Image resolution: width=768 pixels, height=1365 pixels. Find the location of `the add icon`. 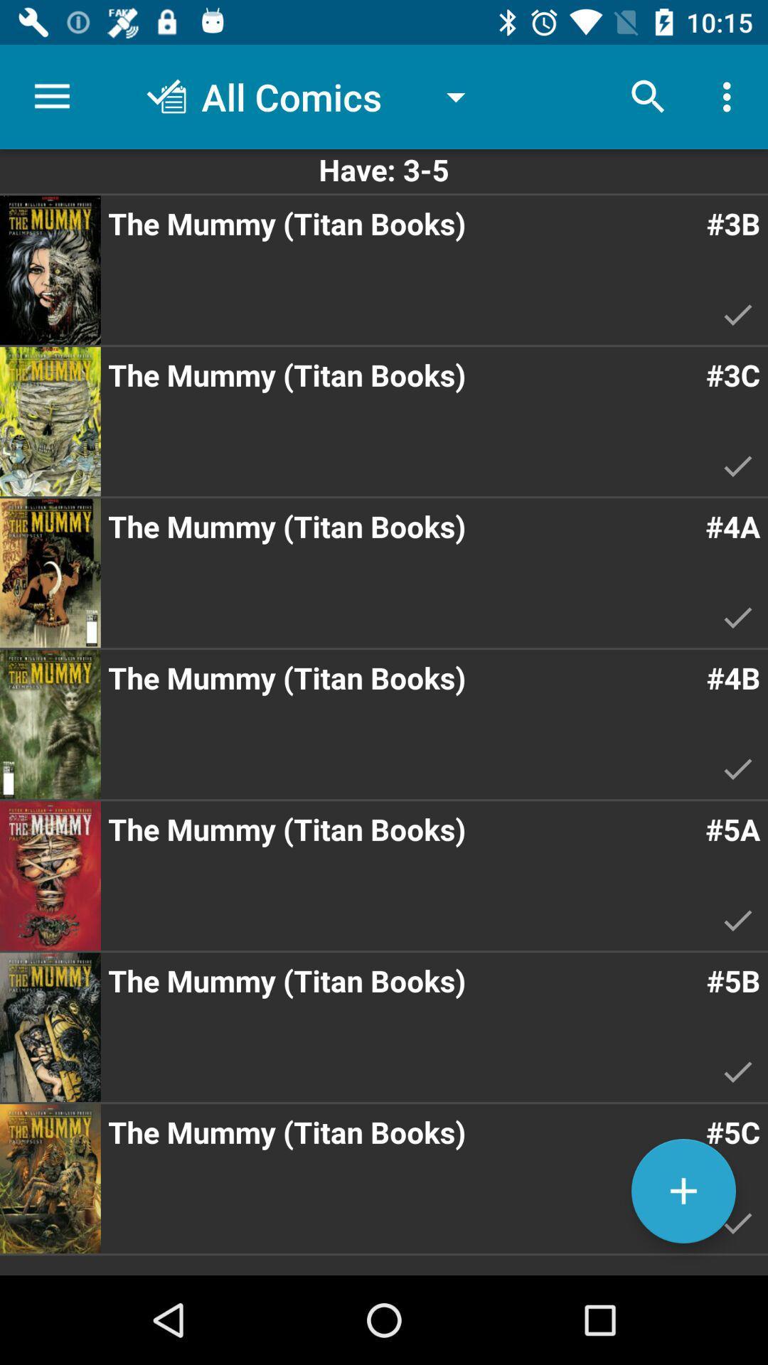

the add icon is located at coordinates (683, 1191).